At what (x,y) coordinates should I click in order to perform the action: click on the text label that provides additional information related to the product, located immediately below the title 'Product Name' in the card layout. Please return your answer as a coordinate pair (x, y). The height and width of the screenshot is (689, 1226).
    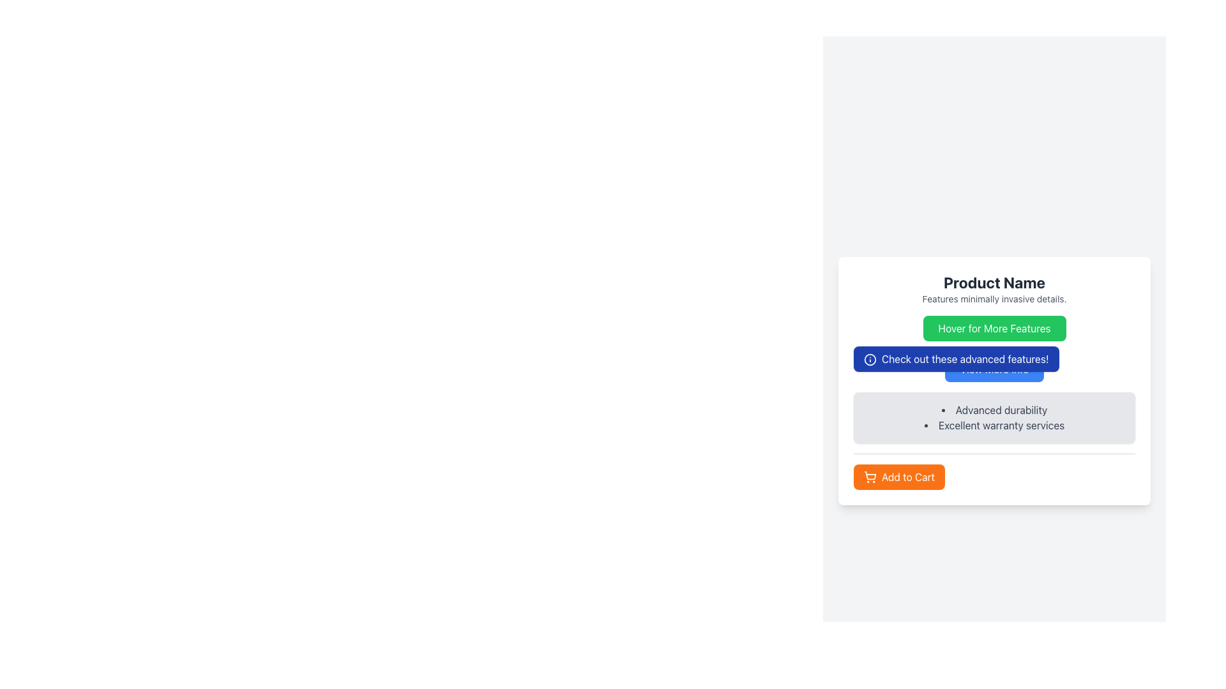
    Looking at the image, I should click on (994, 299).